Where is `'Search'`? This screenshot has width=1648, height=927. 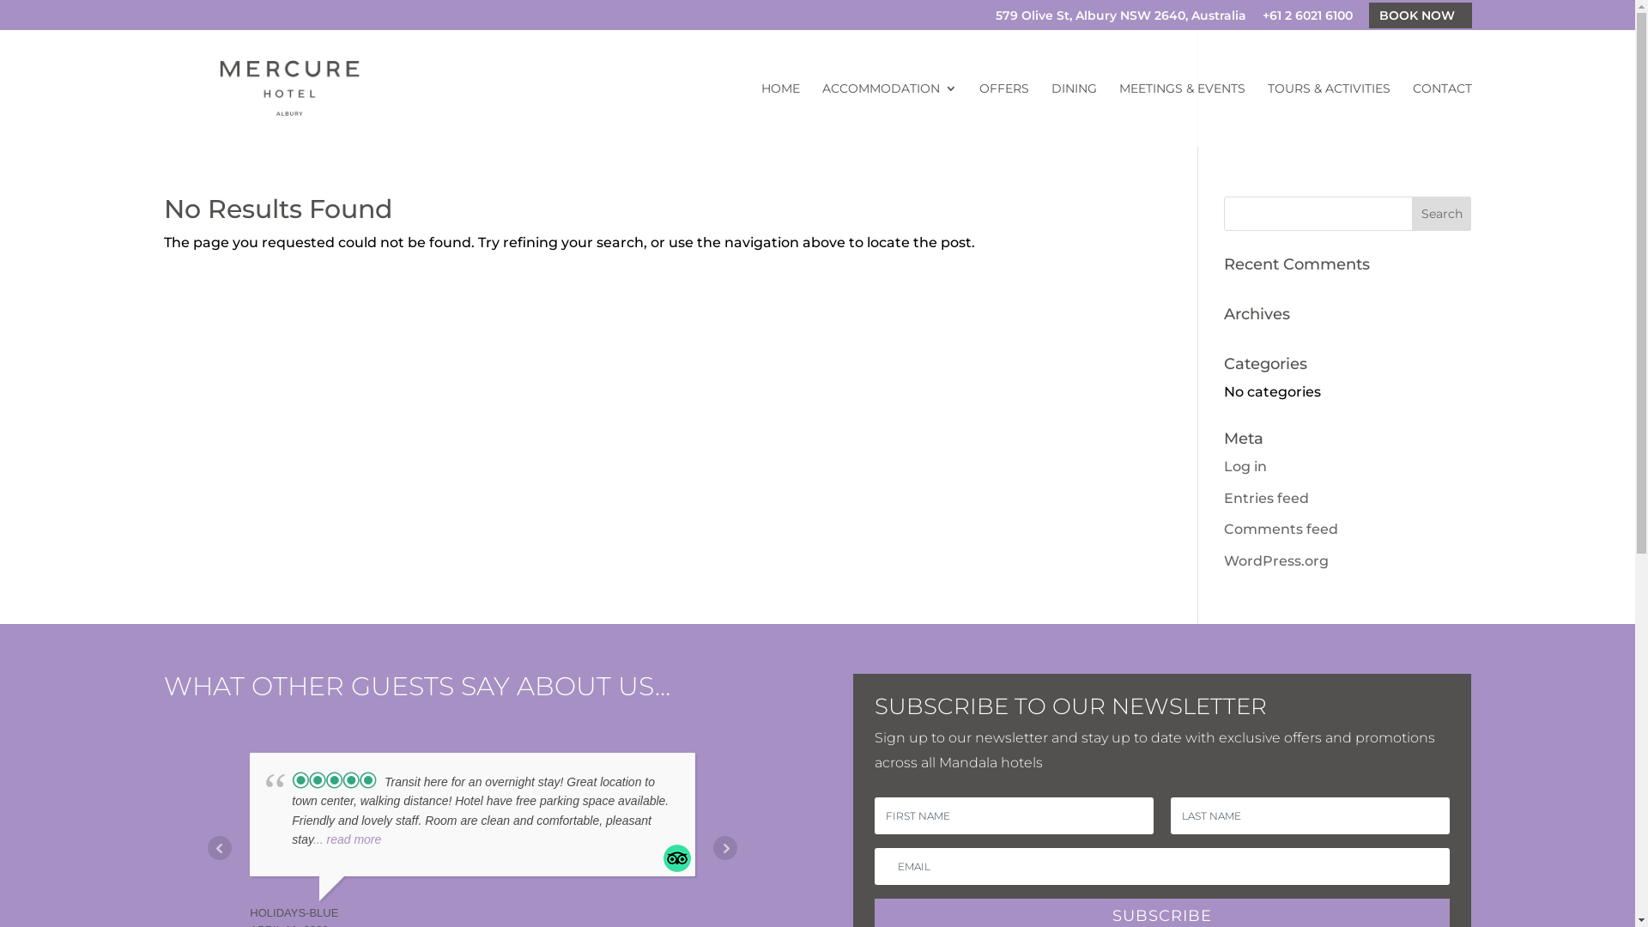
'Search' is located at coordinates (1442, 213).